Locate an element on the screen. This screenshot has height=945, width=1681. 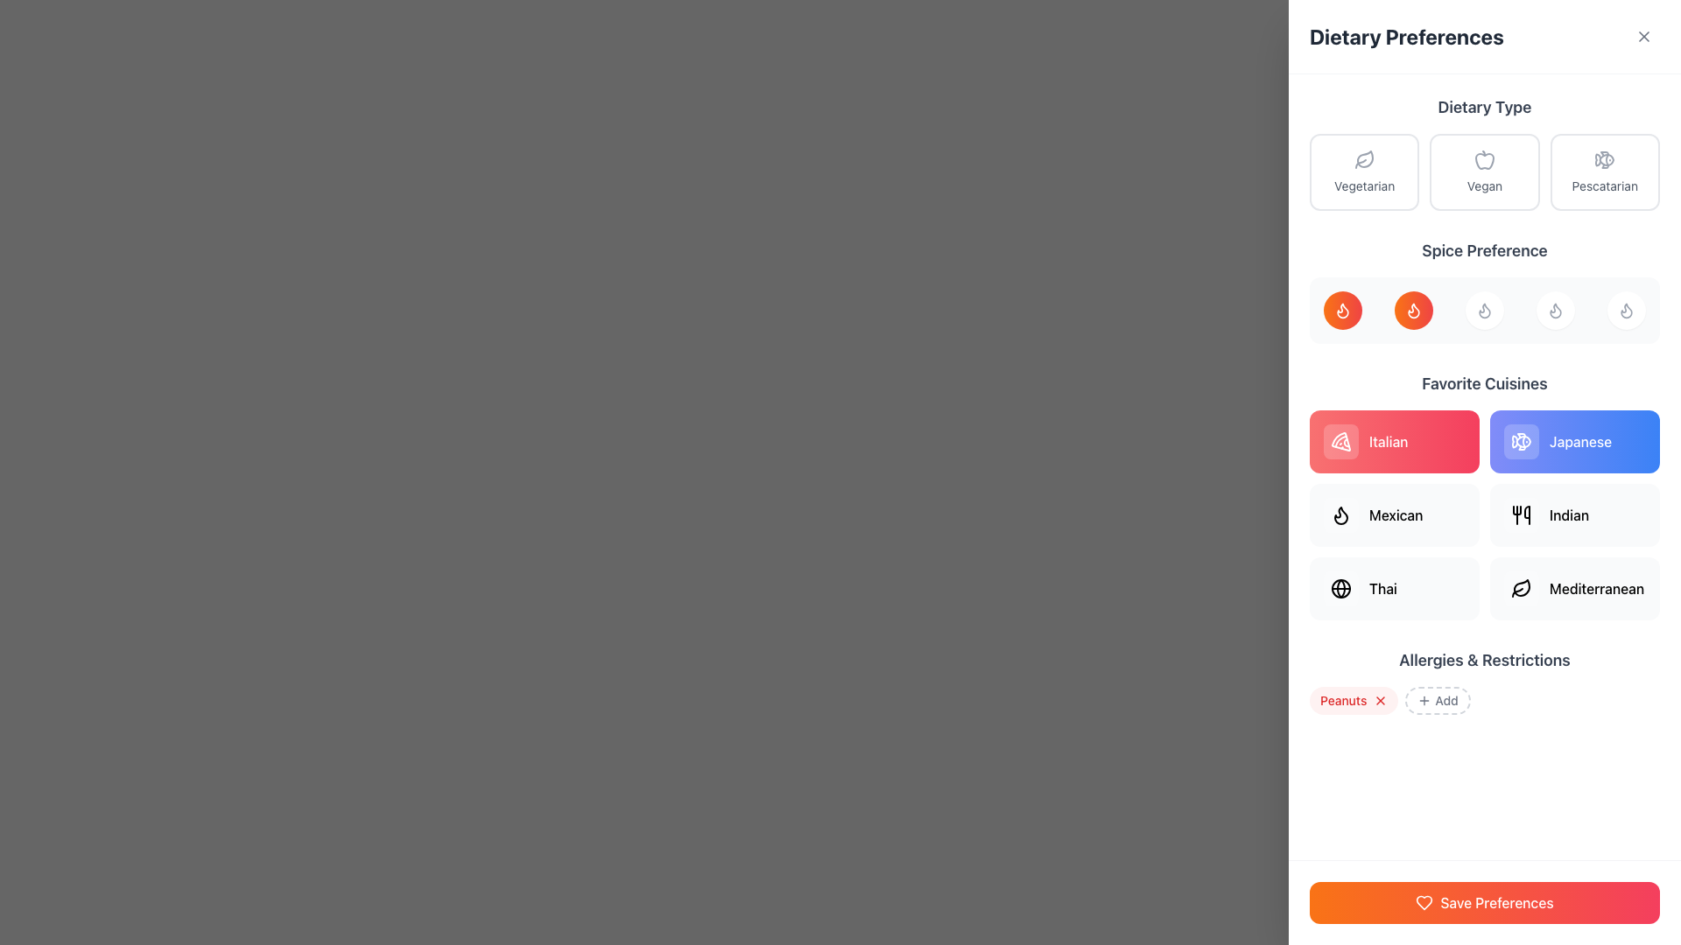
the text label reading 'Allergies & Restrictions', which is bold and prominently displayed in grayish-black color, located between the 'Favorite Cuisines' section and the 'Peanuts' label with an 'Add' button below is located at coordinates (1483, 661).